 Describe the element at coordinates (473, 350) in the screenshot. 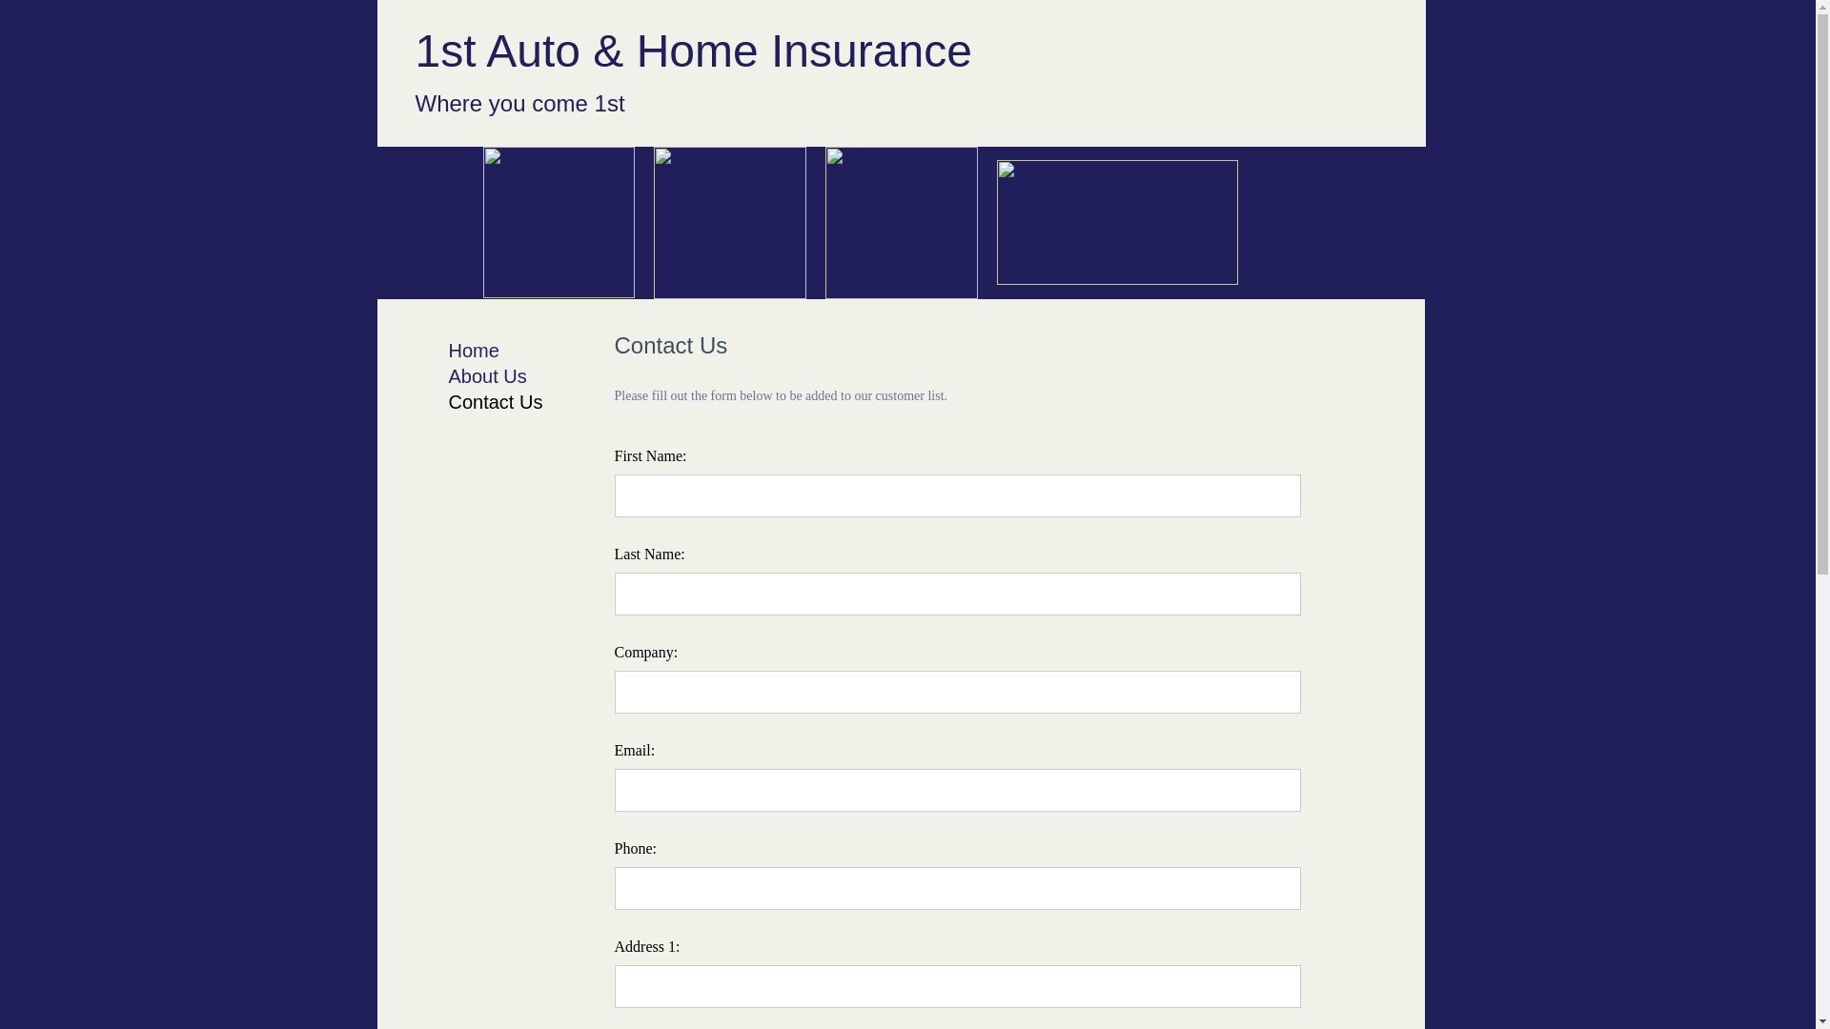

I see `'Home'` at that location.